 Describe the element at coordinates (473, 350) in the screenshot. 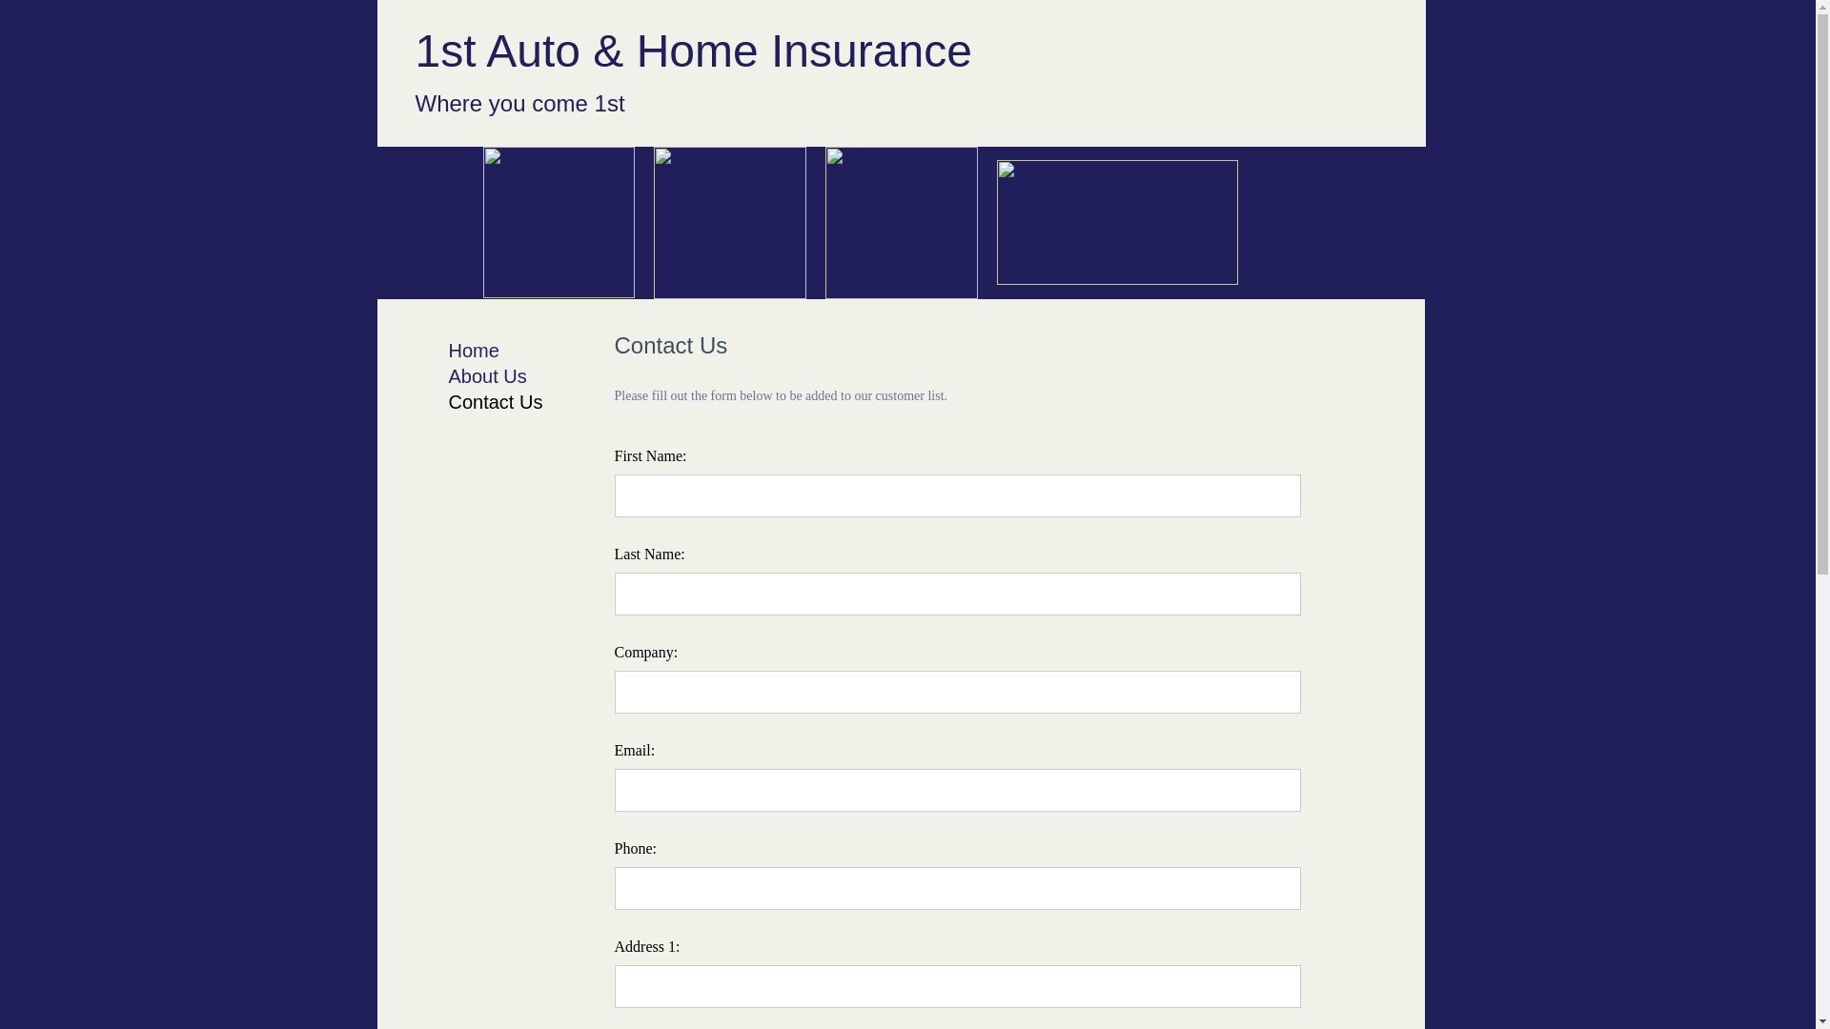

I see `'Home'` at that location.